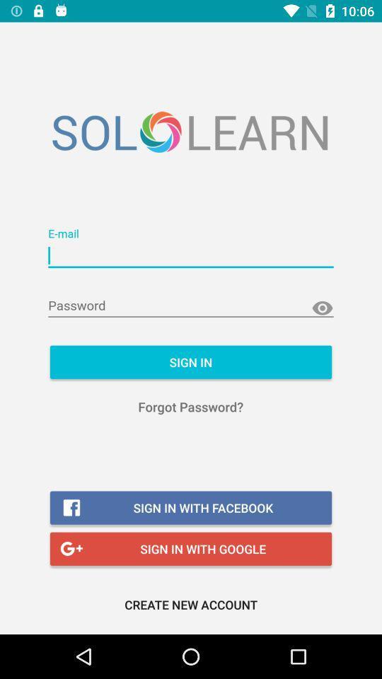  I want to click on forgot password?, so click(190, 407).